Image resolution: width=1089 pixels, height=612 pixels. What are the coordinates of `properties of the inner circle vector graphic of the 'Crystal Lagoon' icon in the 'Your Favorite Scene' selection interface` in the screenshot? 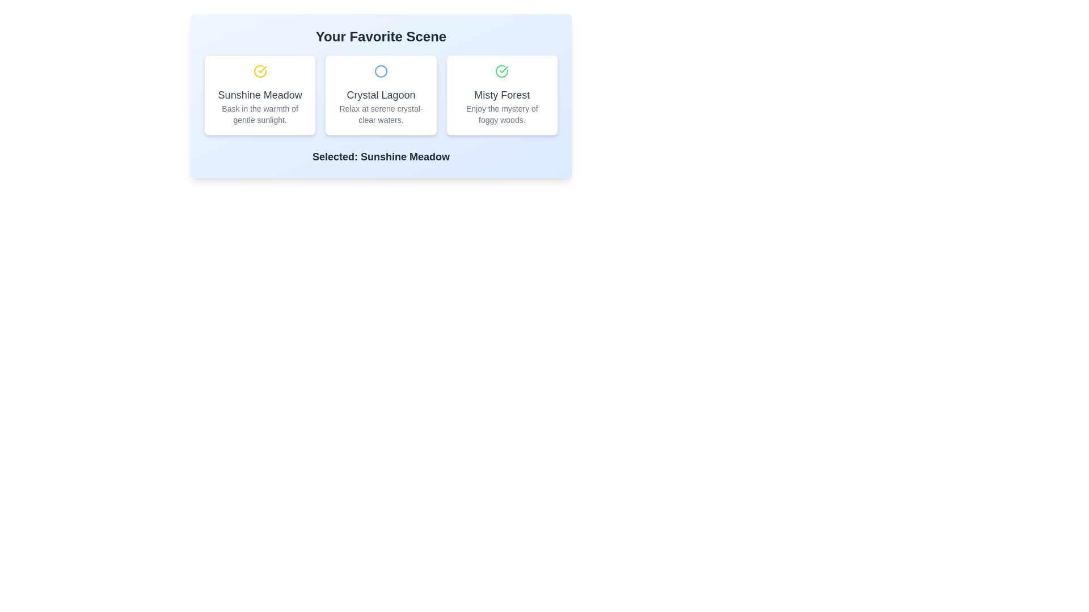 It's located at (381, 71).